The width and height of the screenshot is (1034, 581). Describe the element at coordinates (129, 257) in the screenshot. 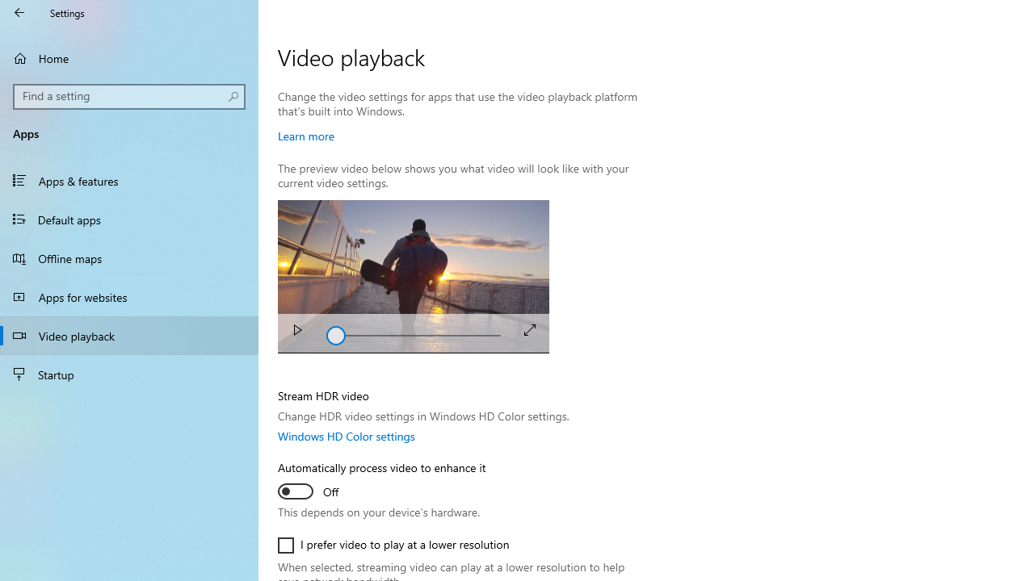

I see `'Offline maps'` at that location.